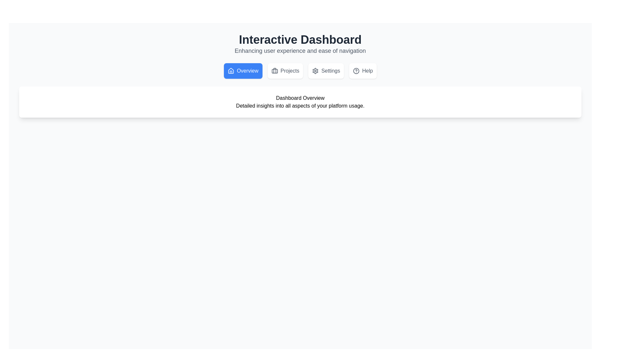 This screenshot has height=350, width=623. I want to click on the house icon SVG element, which is located inside the 'Overview' button, so click(231, 71).